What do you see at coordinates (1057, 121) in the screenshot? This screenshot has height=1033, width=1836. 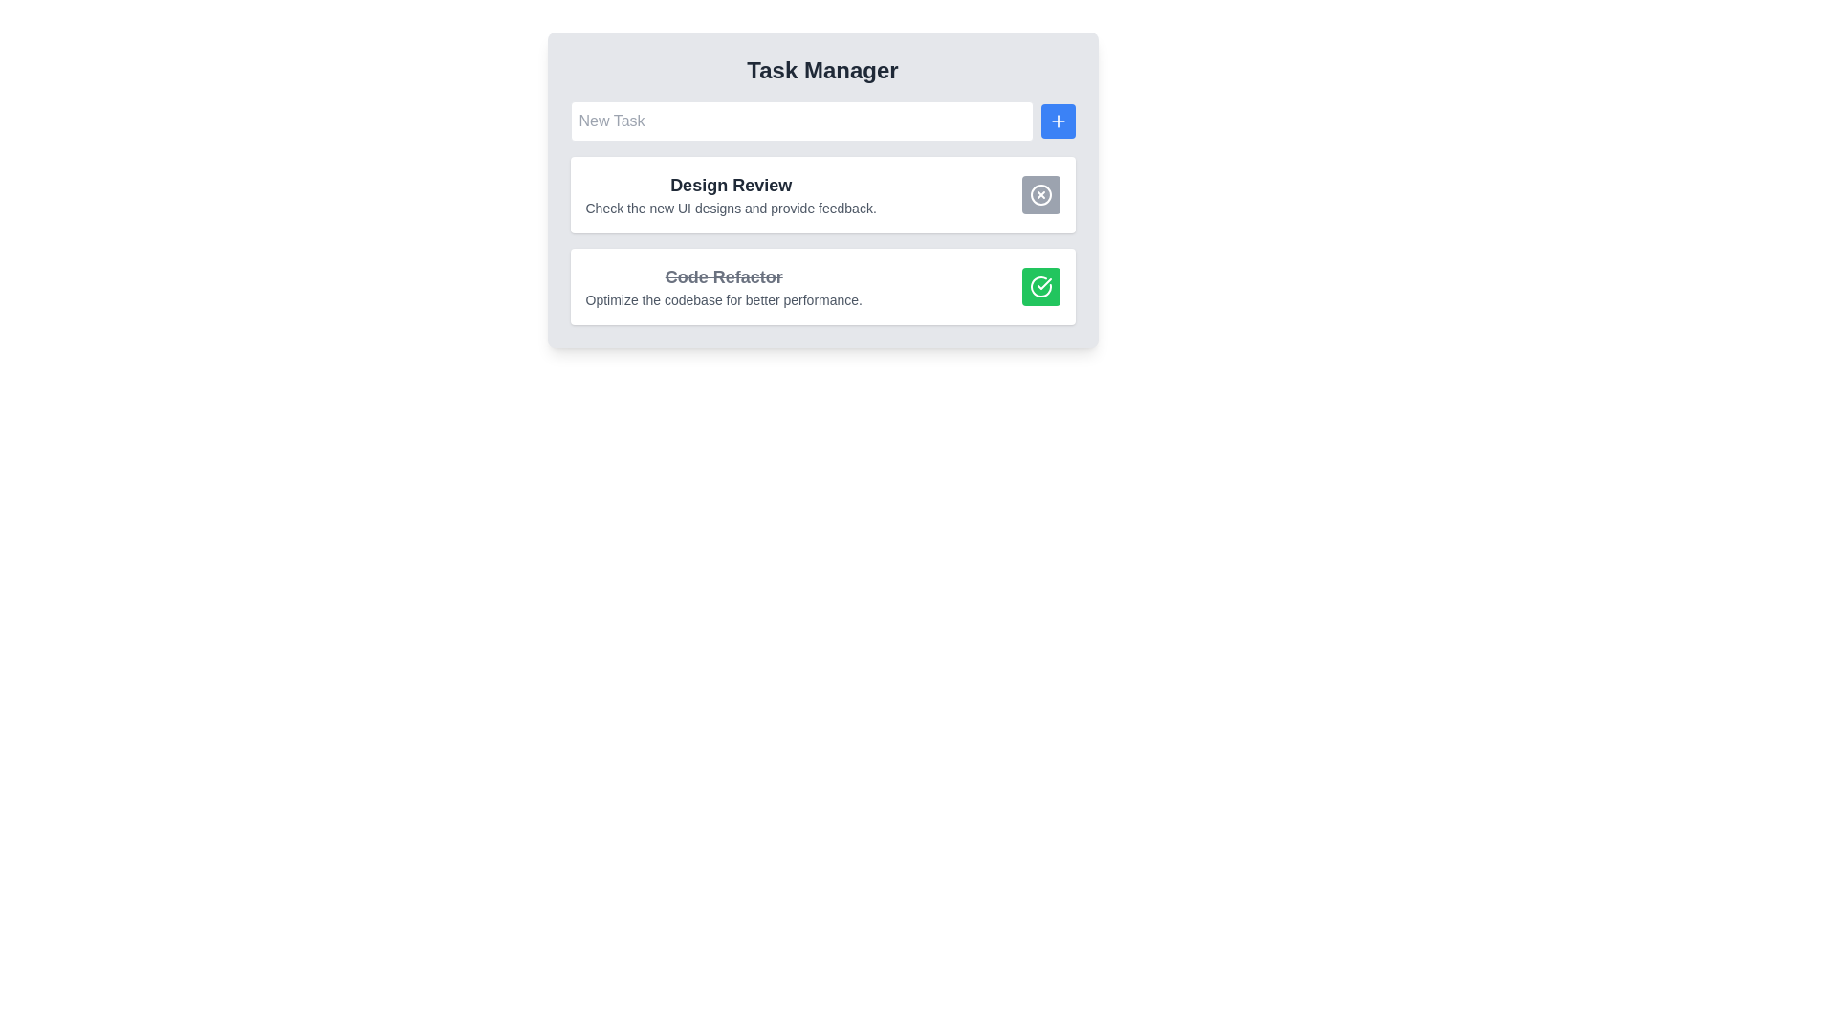 I see `the 'Add' or 'Create' button represented by a plus icon within a blue circular button, located to the right of the 'New Task' input field` at bounding box center [1057, 121].